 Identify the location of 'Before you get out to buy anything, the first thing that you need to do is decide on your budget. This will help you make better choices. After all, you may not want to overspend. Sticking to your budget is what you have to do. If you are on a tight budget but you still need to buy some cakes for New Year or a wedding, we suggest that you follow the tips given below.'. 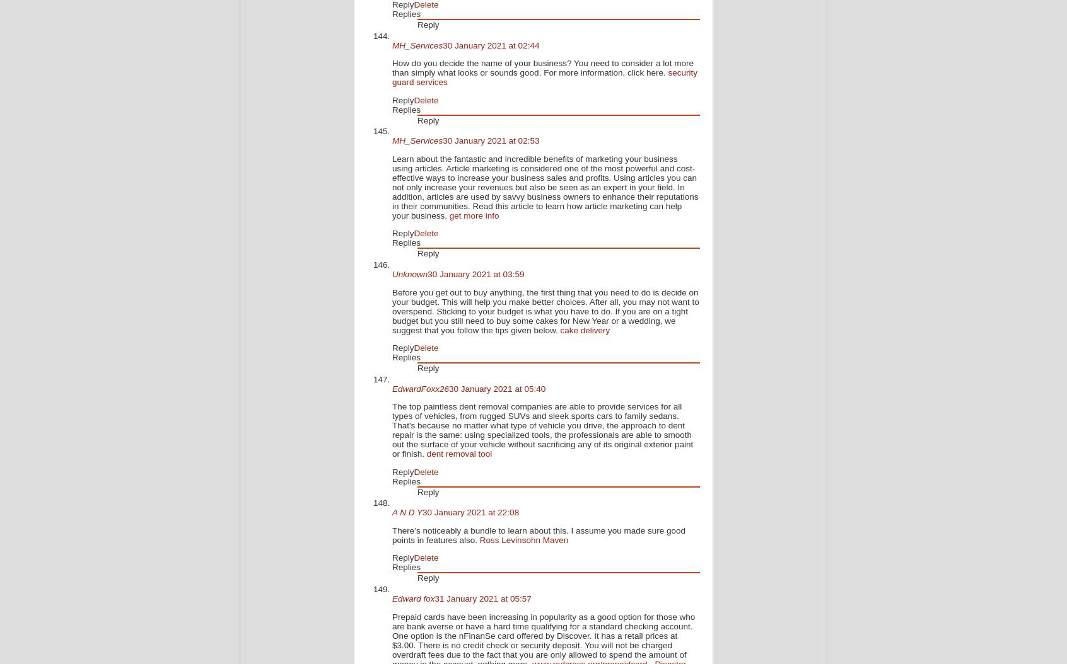
(391, 310).